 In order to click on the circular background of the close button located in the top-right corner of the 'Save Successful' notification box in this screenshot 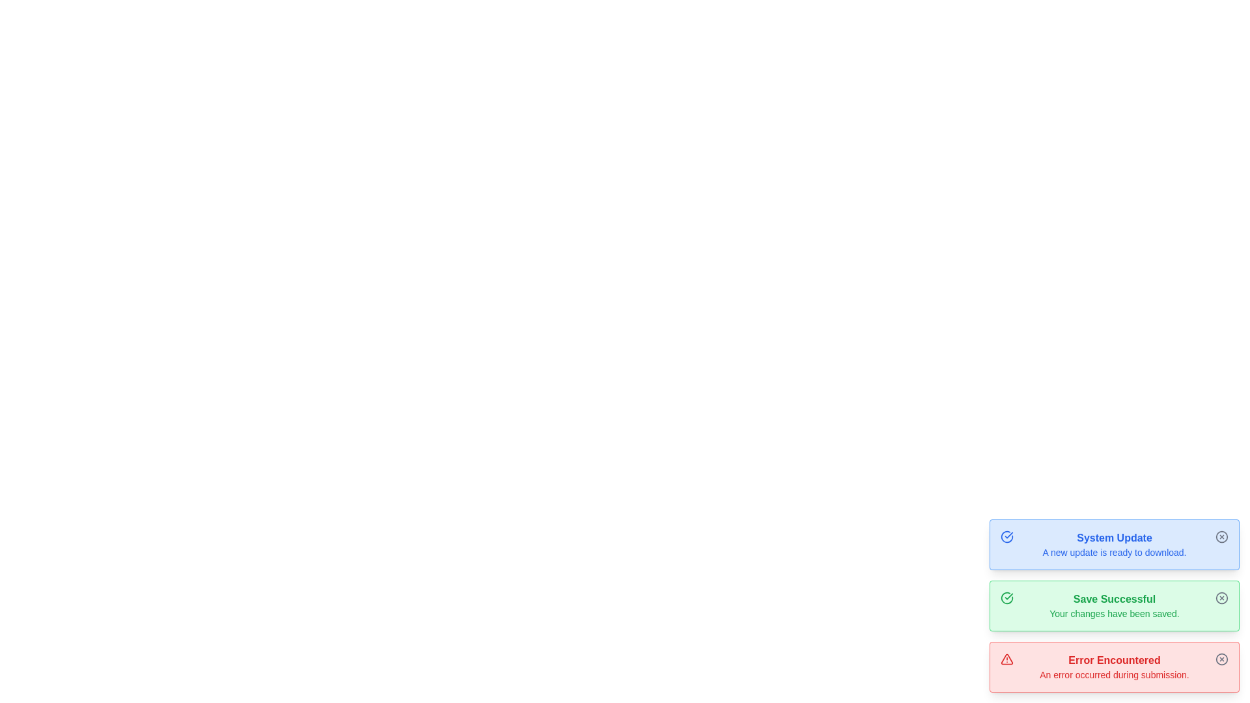, I will do `click(1221, 598)`.